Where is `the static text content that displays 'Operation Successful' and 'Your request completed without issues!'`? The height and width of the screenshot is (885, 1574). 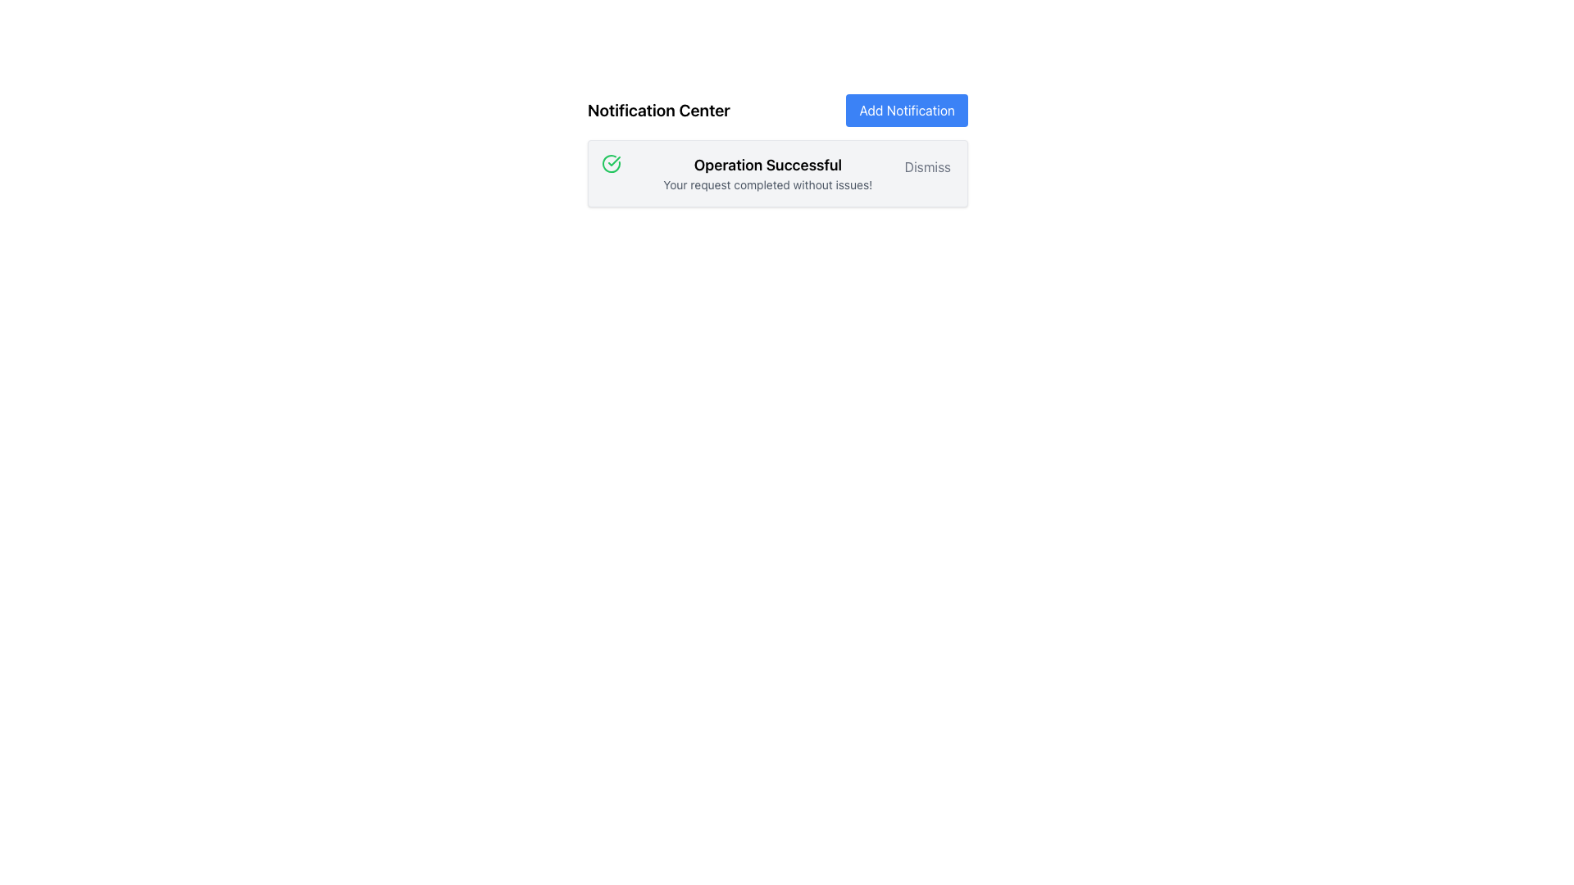 the static text content that displays 'Operation Successful' and 'Your request completed without issues!' is located at coordinates (767, 174).